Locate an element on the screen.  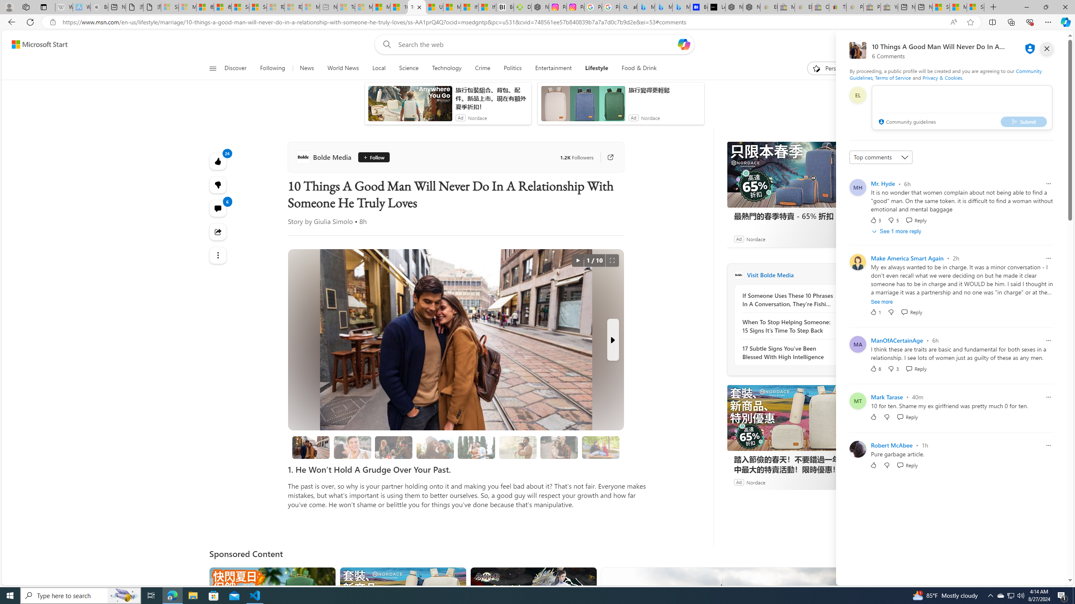
'Reply Reply Comment' is located at coordinates (907, 464).